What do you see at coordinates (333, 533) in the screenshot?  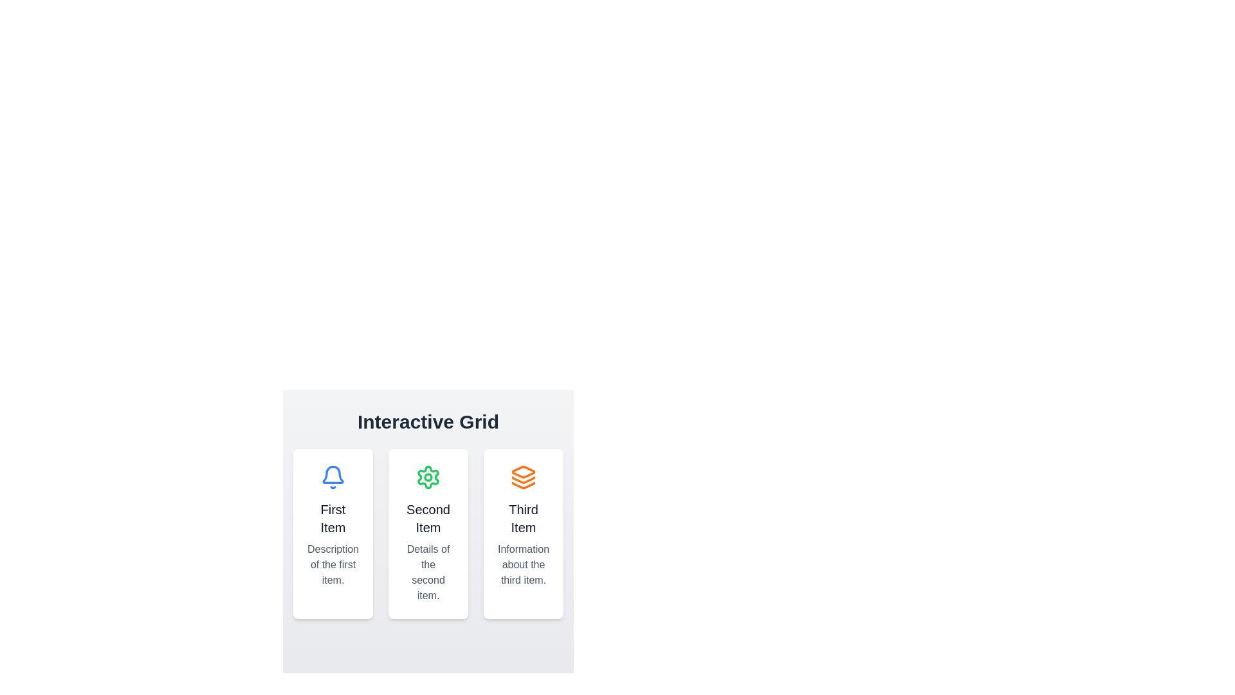 I see `the 'First Item' card` at bounding box center [333, 533].